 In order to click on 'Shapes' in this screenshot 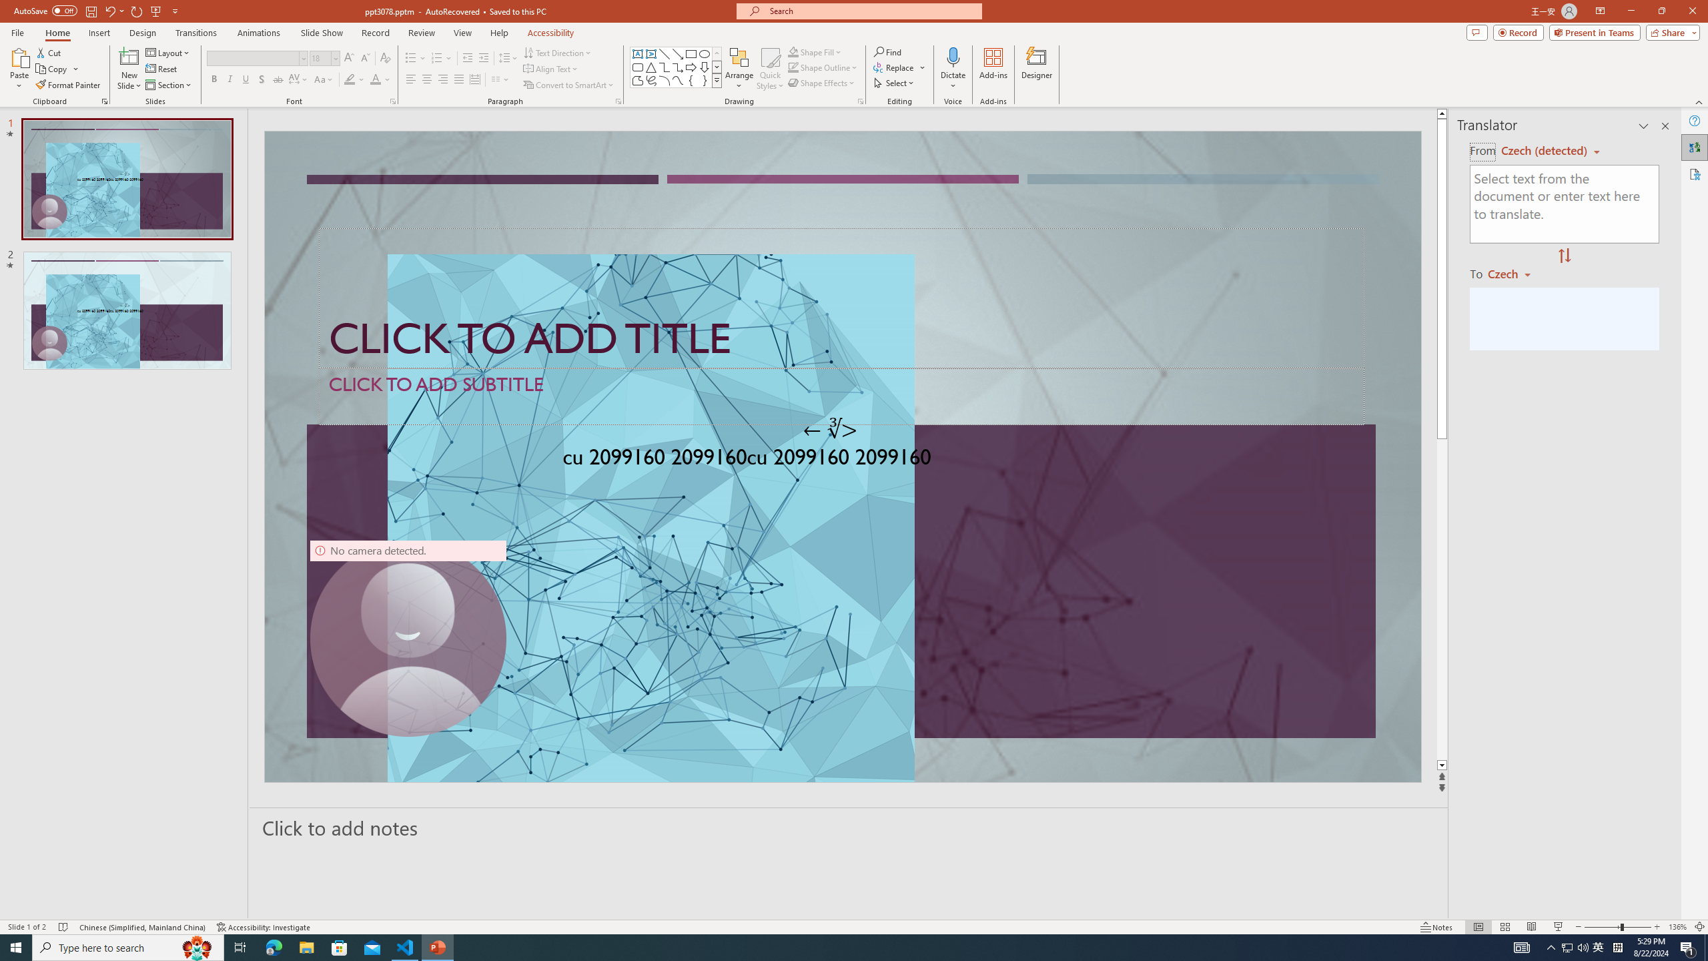, I will do `click(717, 79)`.